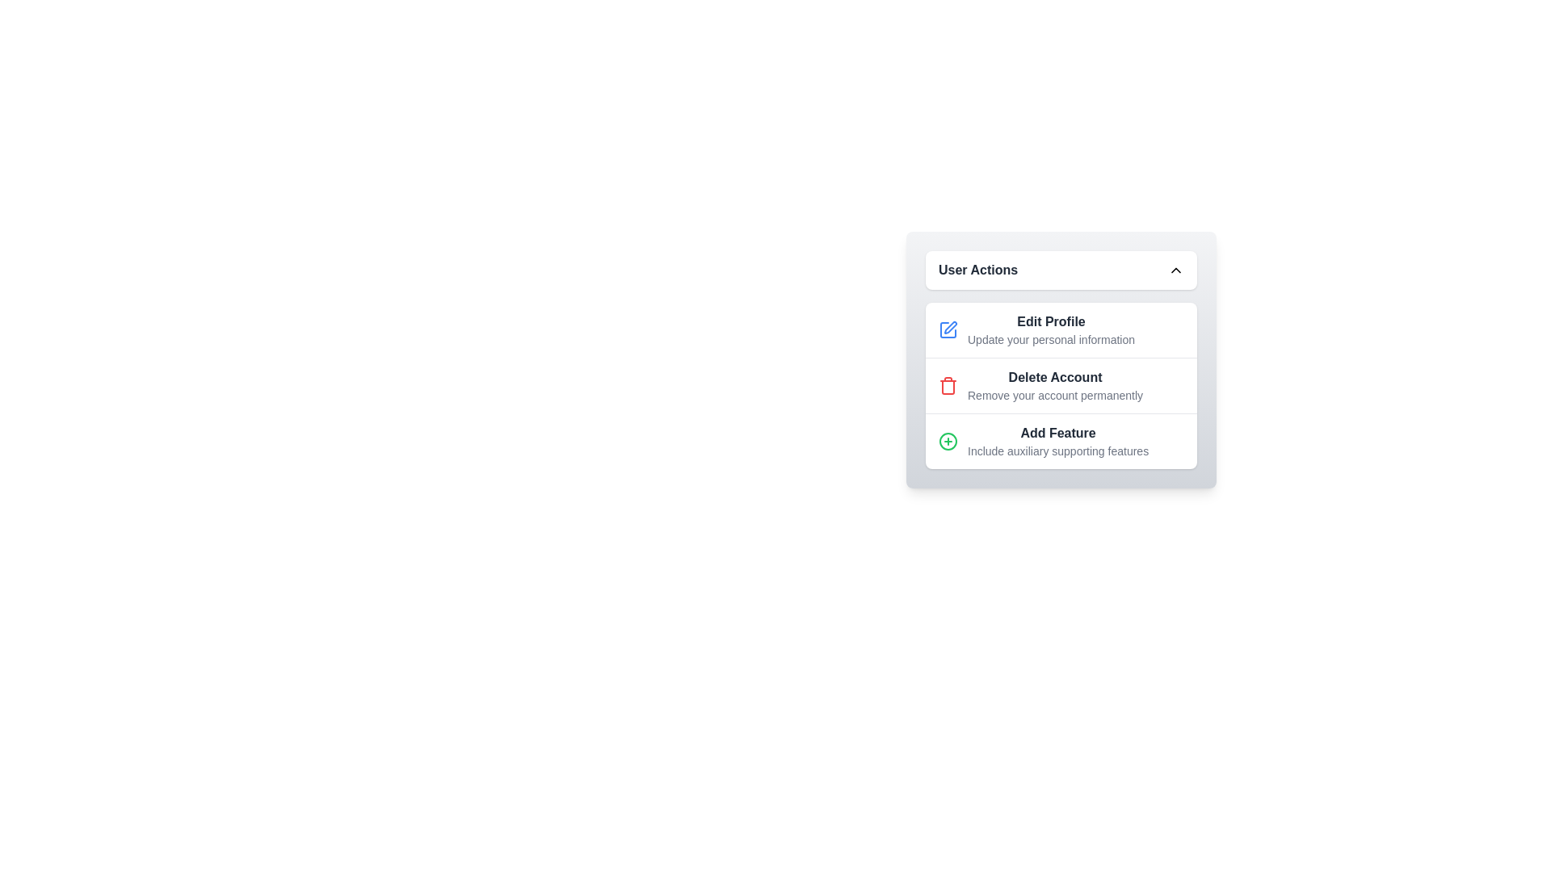  What do you see at coordinates (948, 442) in the screenshot?
I see `the circular icon with a green border and green-plus symbol, located in the 'Add Feature' row under 'User Actions'` at bounding box center [948, 442].